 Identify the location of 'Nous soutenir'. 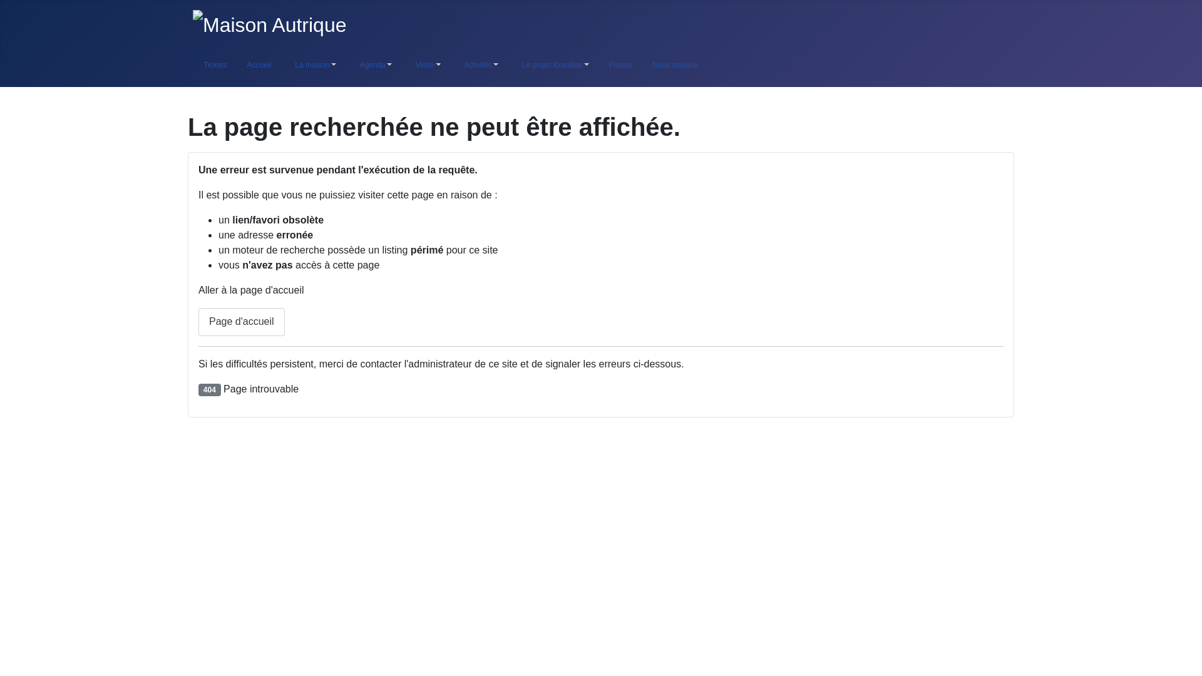
(674, 65).